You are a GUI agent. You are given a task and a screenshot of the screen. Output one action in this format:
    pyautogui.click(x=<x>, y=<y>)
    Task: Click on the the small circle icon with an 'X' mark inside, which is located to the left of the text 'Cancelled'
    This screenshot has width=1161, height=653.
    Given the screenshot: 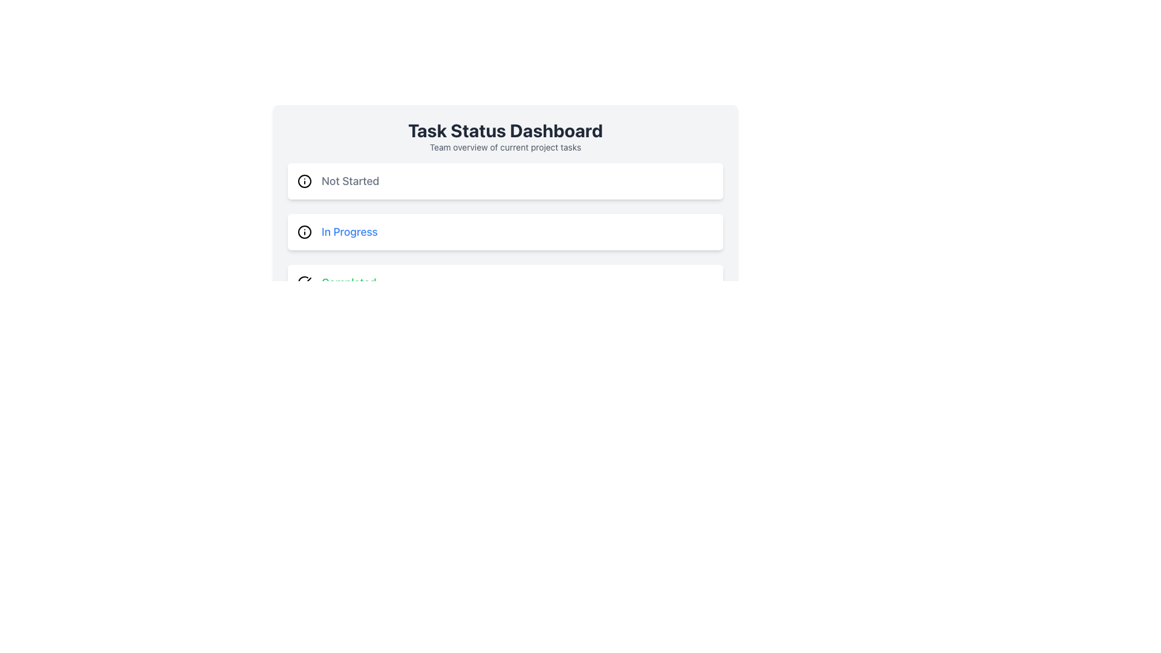 What is the action you would take?
    pyautogui.click(x=305, y=385)
    